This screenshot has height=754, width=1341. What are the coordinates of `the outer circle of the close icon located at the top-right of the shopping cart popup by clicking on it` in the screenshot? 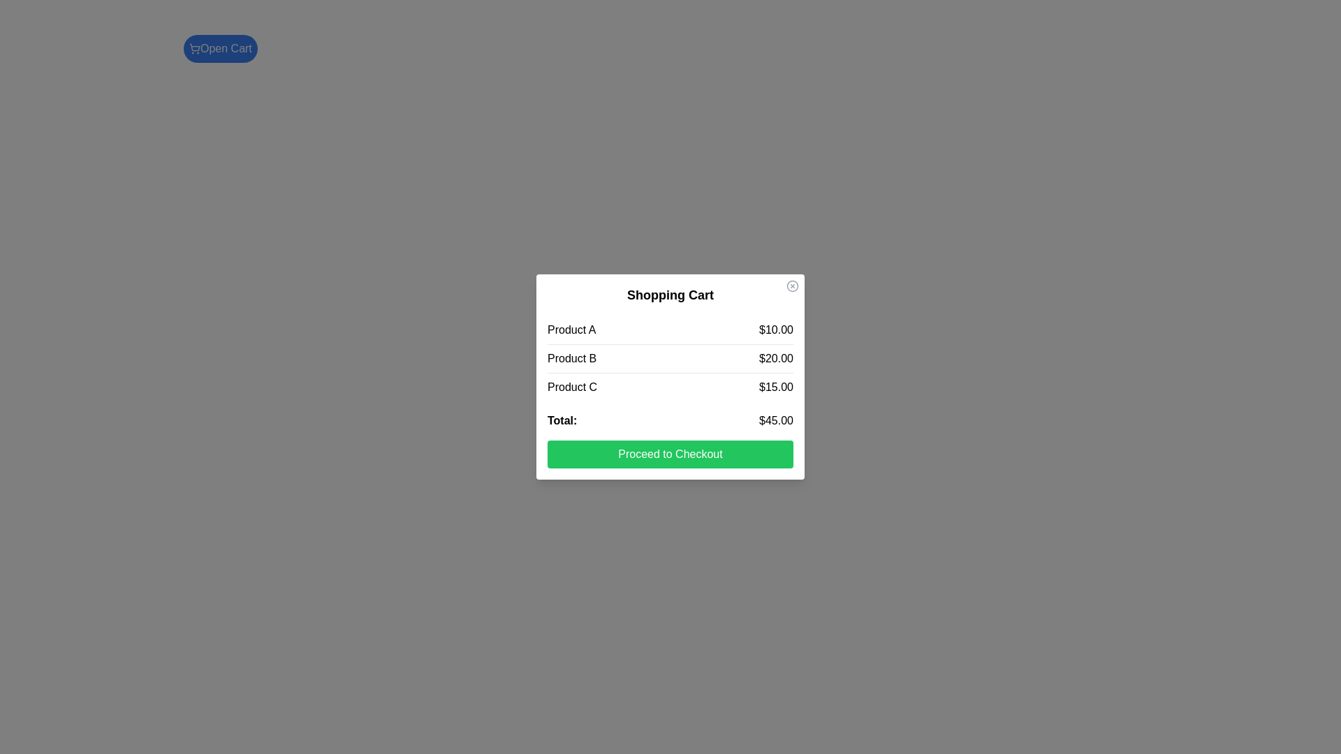 It's located at (792, 285).